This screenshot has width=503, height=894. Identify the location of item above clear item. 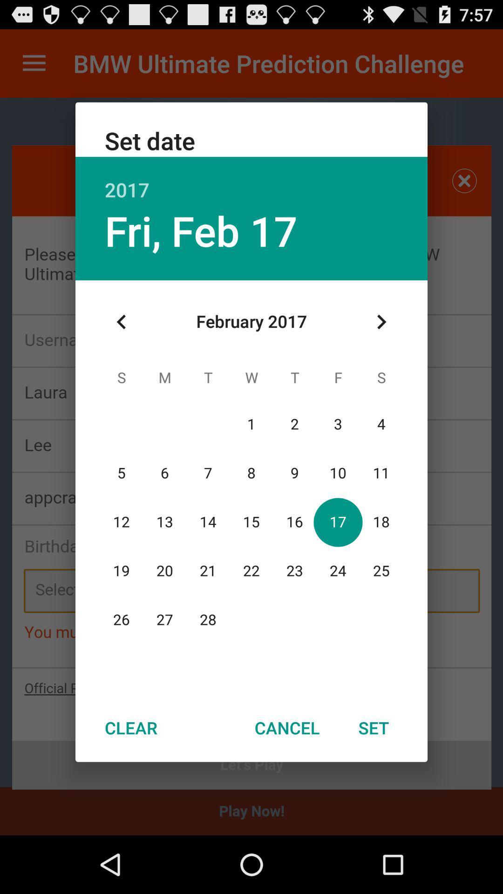
(121, 322).